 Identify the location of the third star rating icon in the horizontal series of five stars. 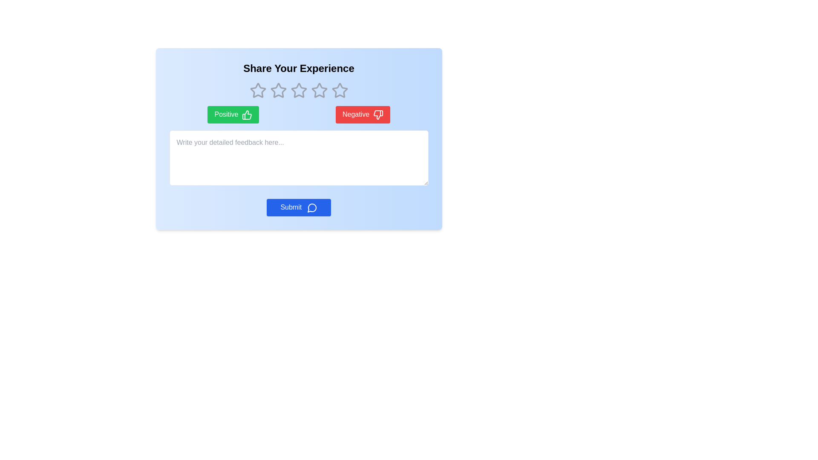
(319, 90).